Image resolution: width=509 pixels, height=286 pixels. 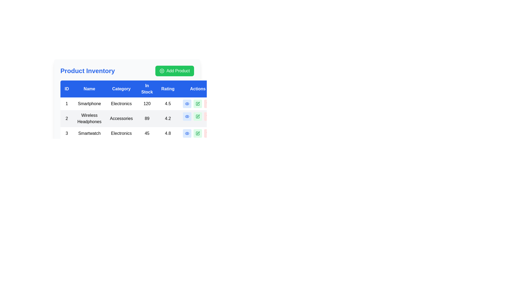 What do you see at coordinates (168, 118) in the screenshot?
I see `the text label displaying the rating value, which is located in the fifth column of the second row of the table, positioned between the 'In Stock' and 'Actions' columns` at bounding box center [168, 118].